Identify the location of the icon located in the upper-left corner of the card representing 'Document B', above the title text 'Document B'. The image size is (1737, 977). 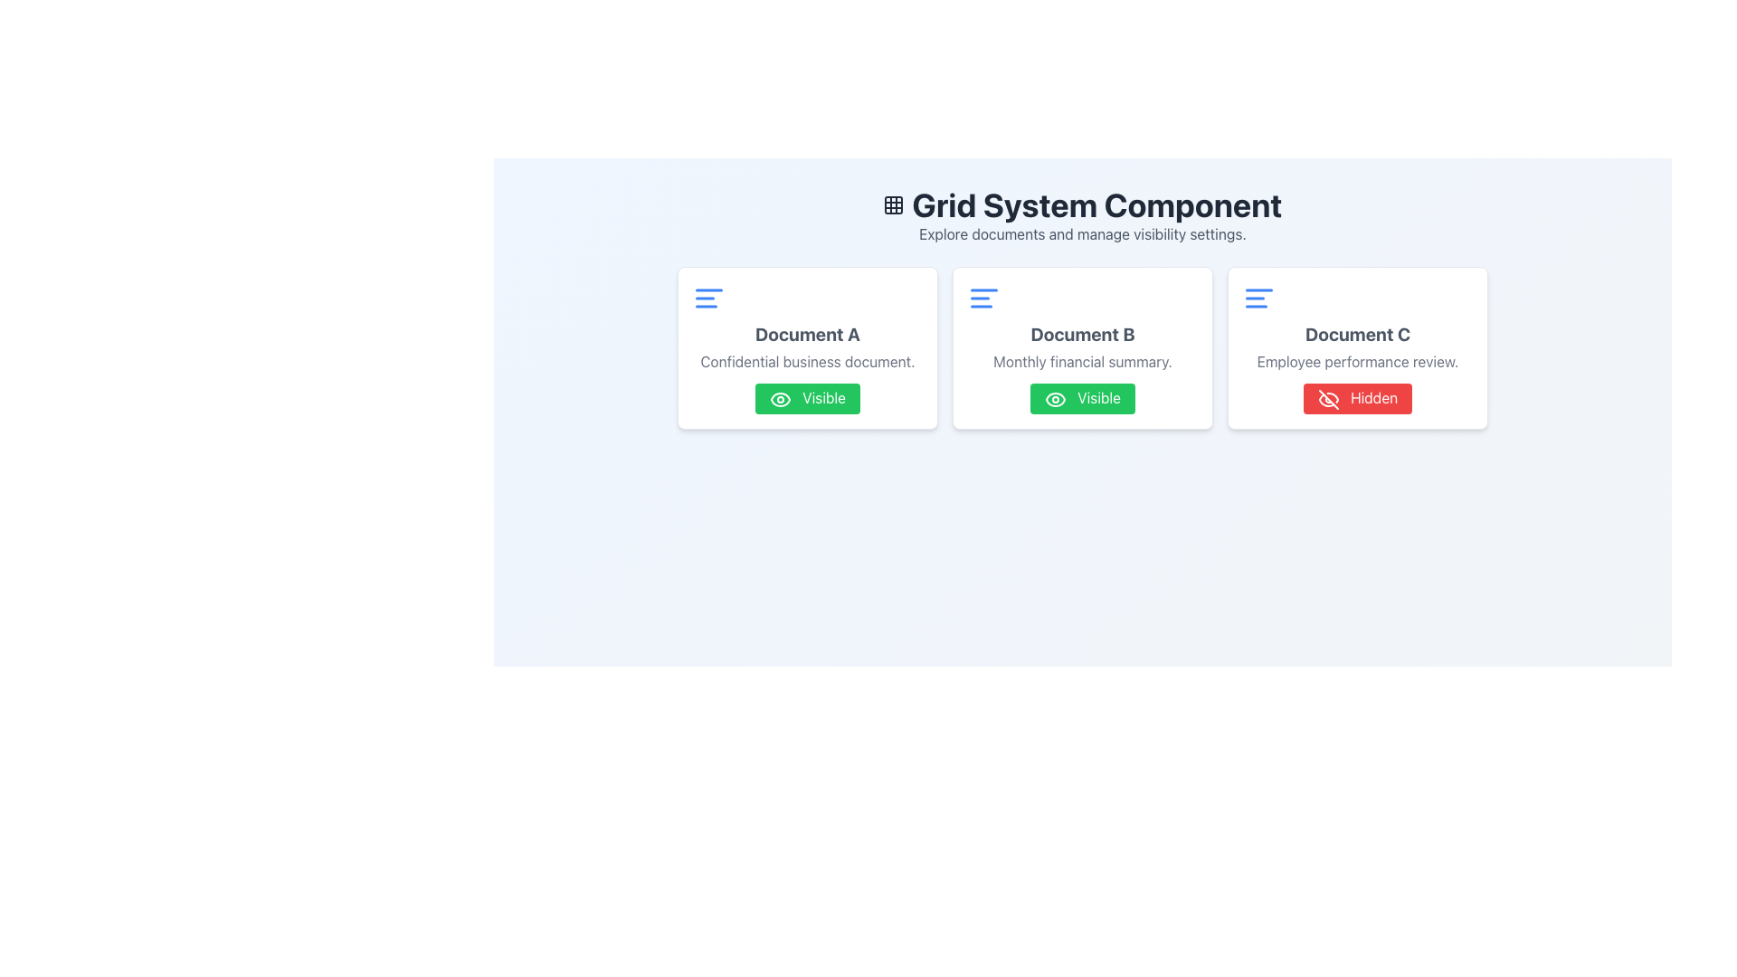
(983, 298).